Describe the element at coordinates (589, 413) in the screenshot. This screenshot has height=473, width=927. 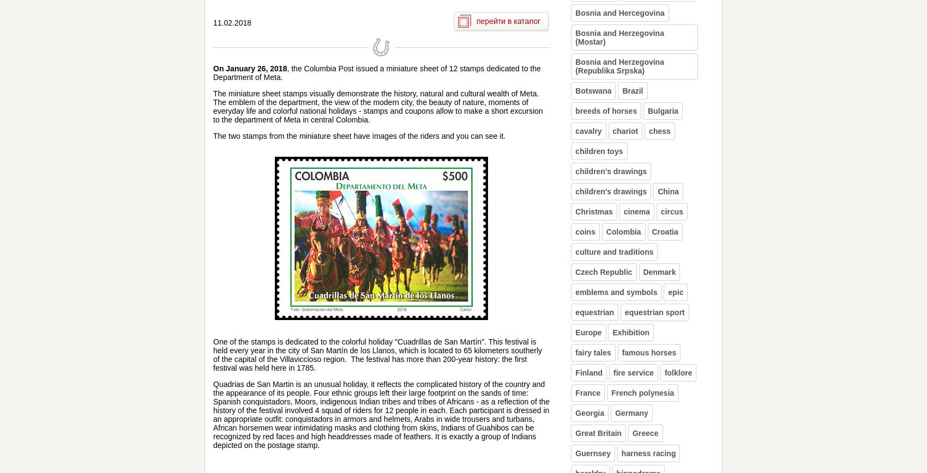
I see `'Georgia'` at that location.